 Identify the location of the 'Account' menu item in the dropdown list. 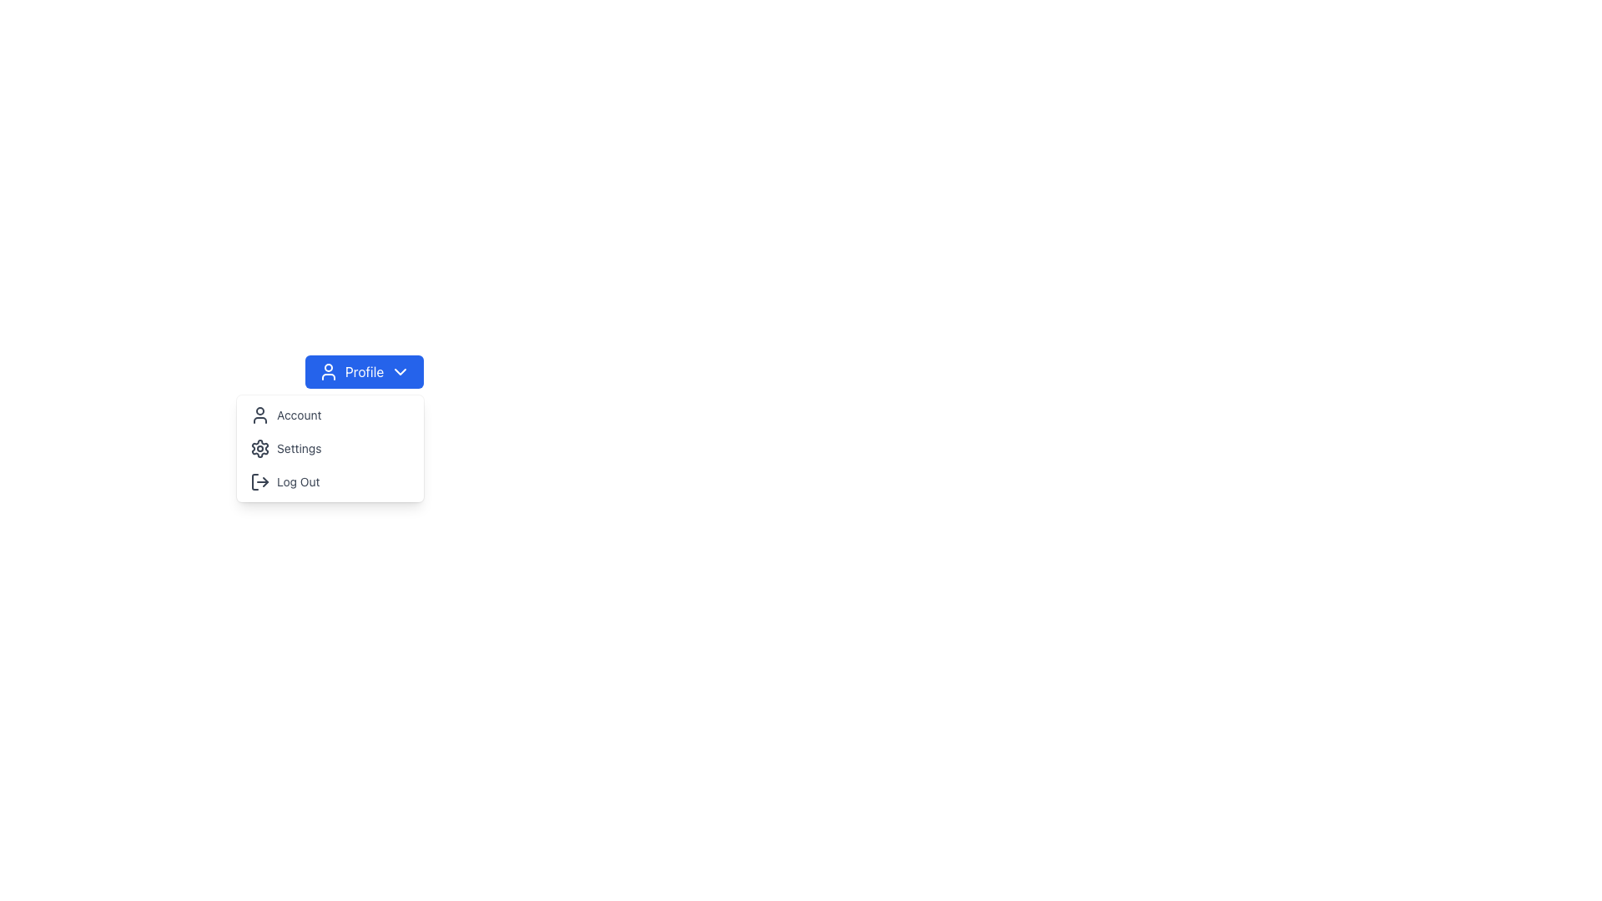
(330, 414).